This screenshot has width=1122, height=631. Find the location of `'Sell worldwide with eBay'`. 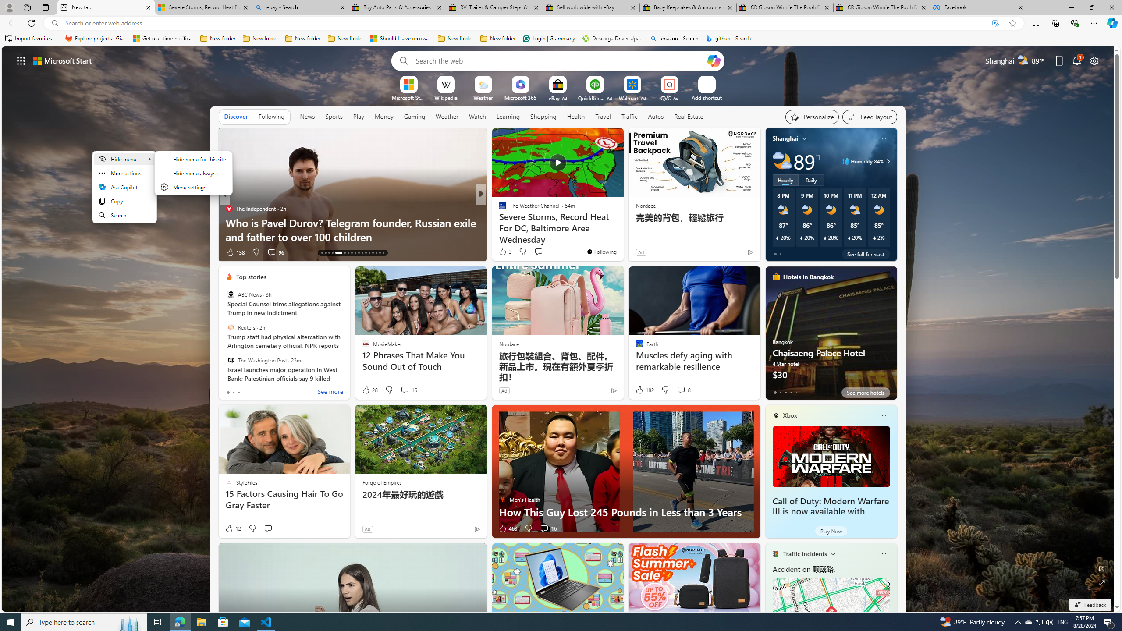

'Sell worldwide with eBay' is located at coordinates (590, 7).